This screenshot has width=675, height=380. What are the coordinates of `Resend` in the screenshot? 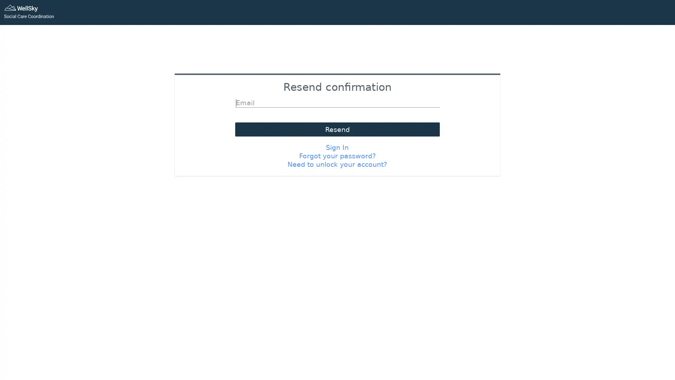 It's located at (337, 129).